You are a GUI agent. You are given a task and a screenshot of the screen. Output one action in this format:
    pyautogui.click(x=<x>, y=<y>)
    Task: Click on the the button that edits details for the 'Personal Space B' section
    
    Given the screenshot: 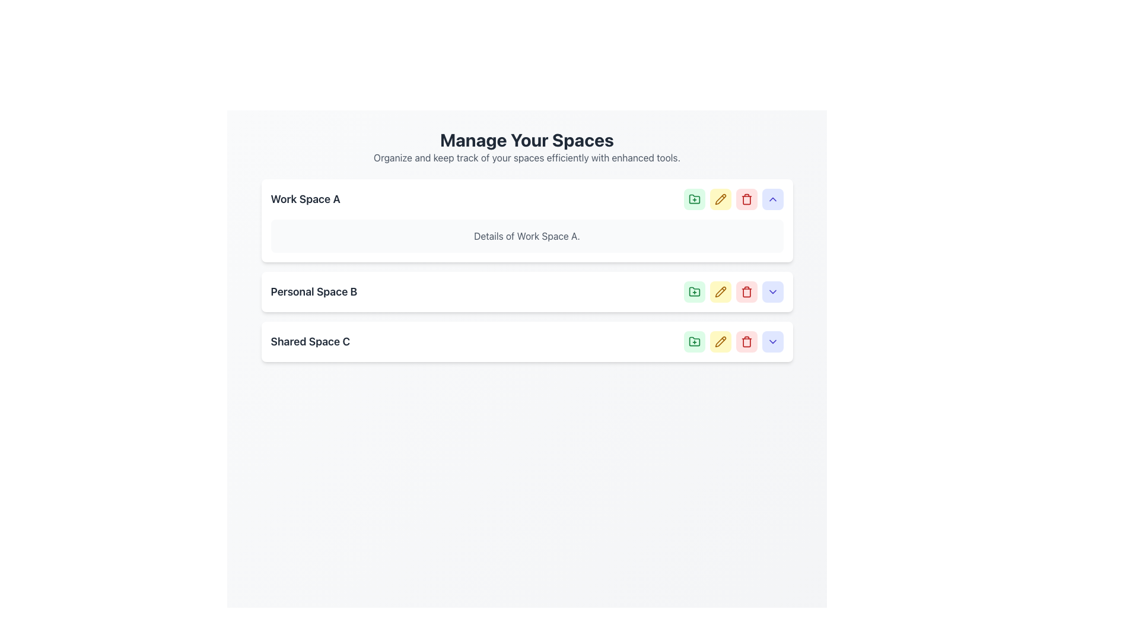 What is the action you would take?
    pyautogui.click(x=733, y=292)
    